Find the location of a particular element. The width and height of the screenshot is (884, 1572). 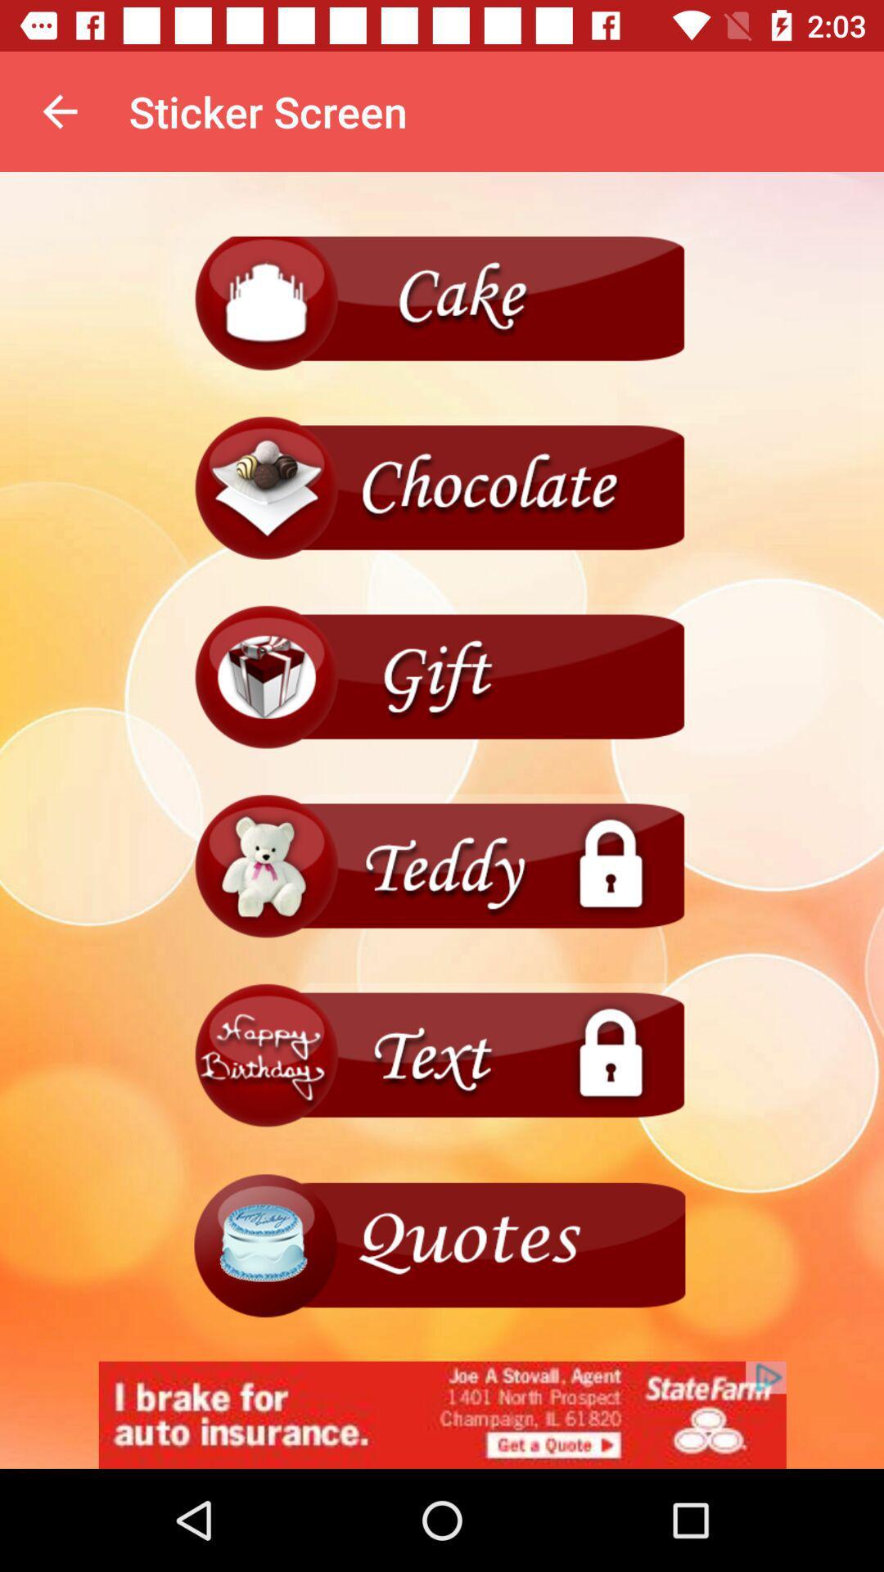

screen teddy lock button is located at coordinates (442, 866).